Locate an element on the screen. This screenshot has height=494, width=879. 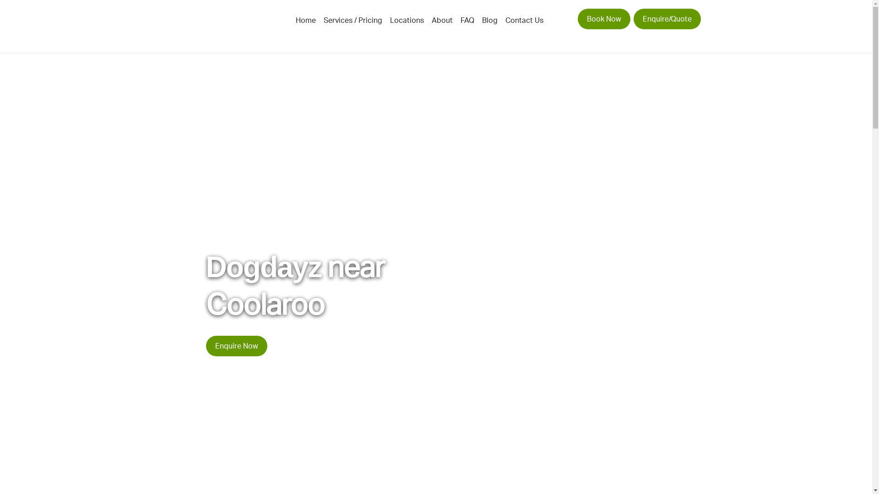
'Enquire Now' is located at coordinates (237, 346).